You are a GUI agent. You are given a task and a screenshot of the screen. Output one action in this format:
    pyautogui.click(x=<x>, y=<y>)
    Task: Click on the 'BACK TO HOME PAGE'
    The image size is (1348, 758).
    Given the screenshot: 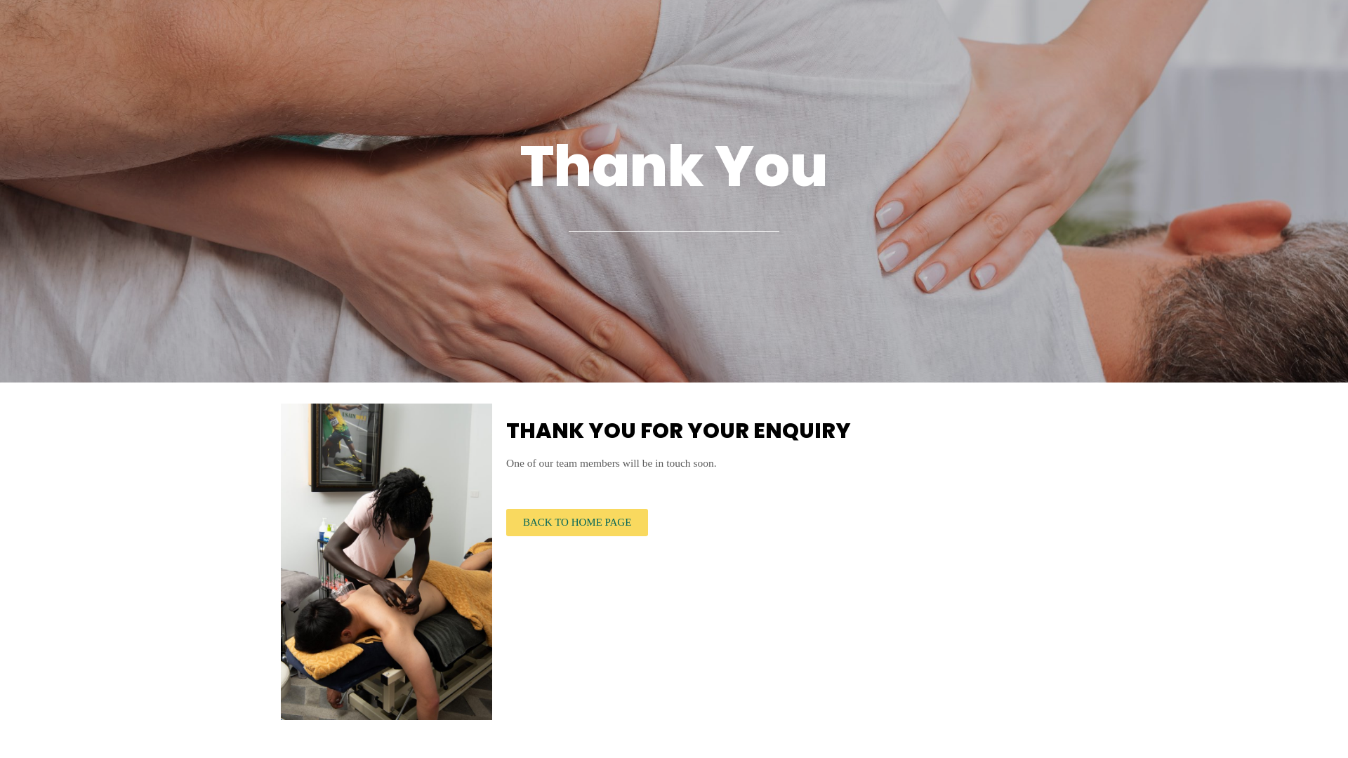 What is the action you would take?
    pyautogui.click(x=576, y=522)
    